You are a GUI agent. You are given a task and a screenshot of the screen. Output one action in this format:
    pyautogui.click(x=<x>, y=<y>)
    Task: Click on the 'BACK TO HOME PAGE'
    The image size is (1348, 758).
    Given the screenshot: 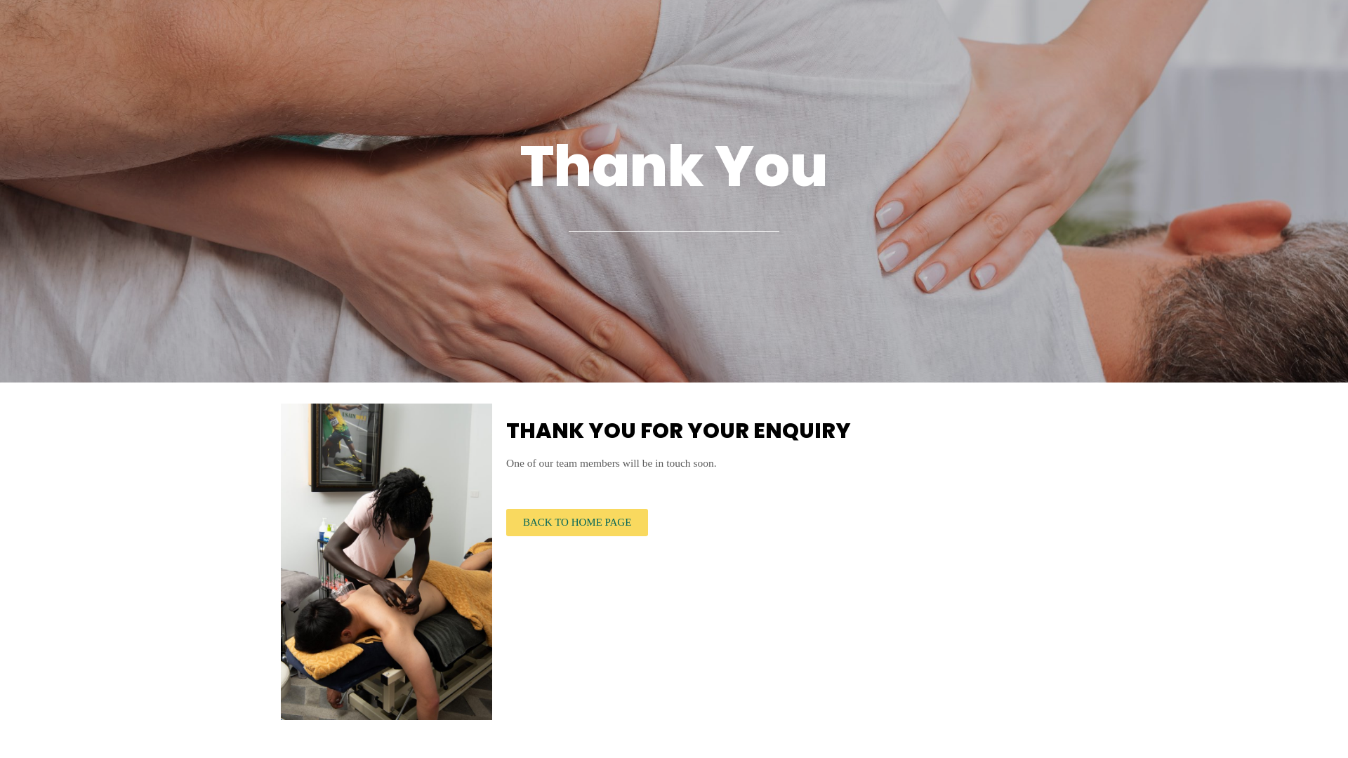 What is the action you would take?
    pyautogui.click(x=576, y=522)
    